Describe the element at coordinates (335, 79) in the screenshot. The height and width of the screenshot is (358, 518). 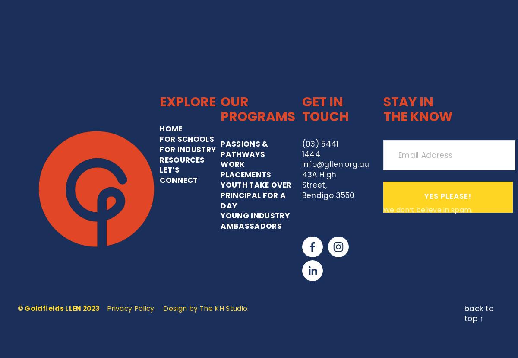
I see `'info@gllen.org.au'` at that location.